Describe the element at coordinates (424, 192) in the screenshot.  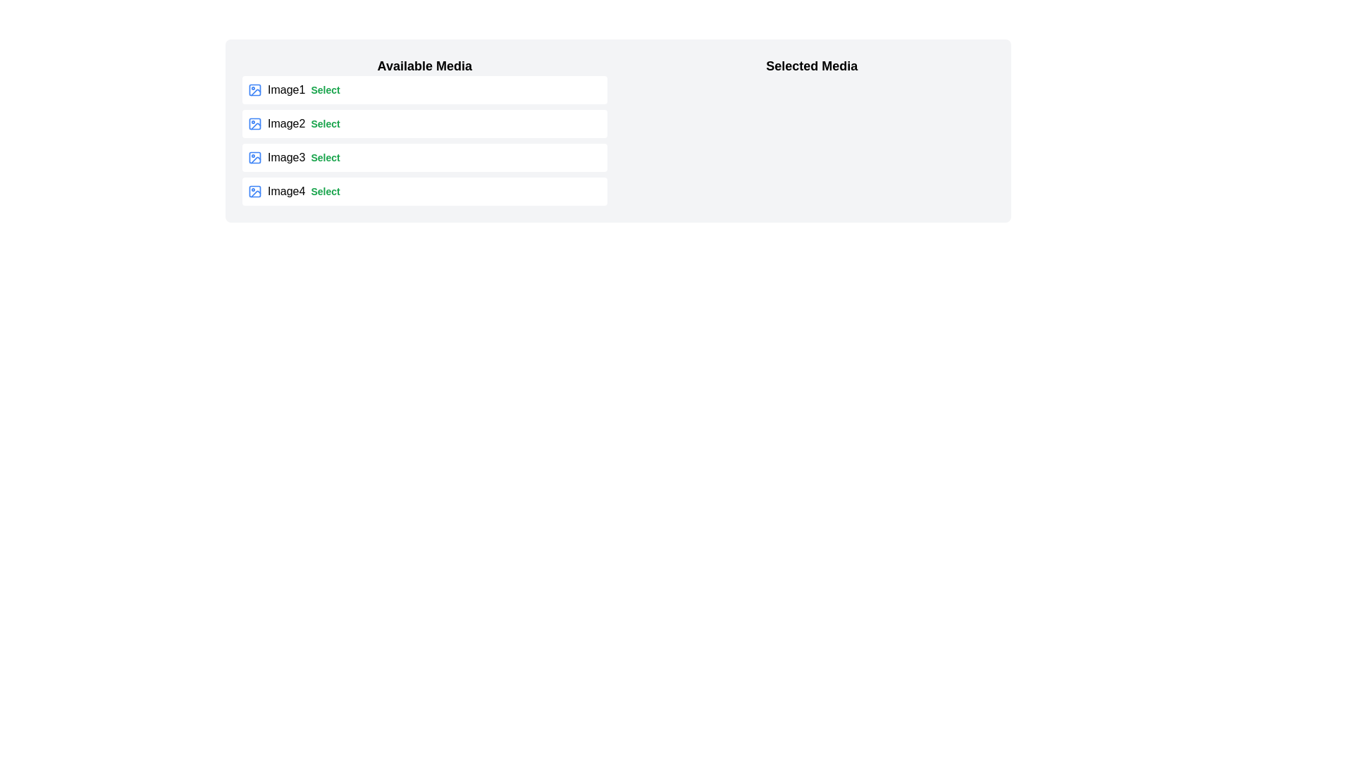
I see `the 'Select' link in the fourth list item of the 'Available Media' section` at that location.